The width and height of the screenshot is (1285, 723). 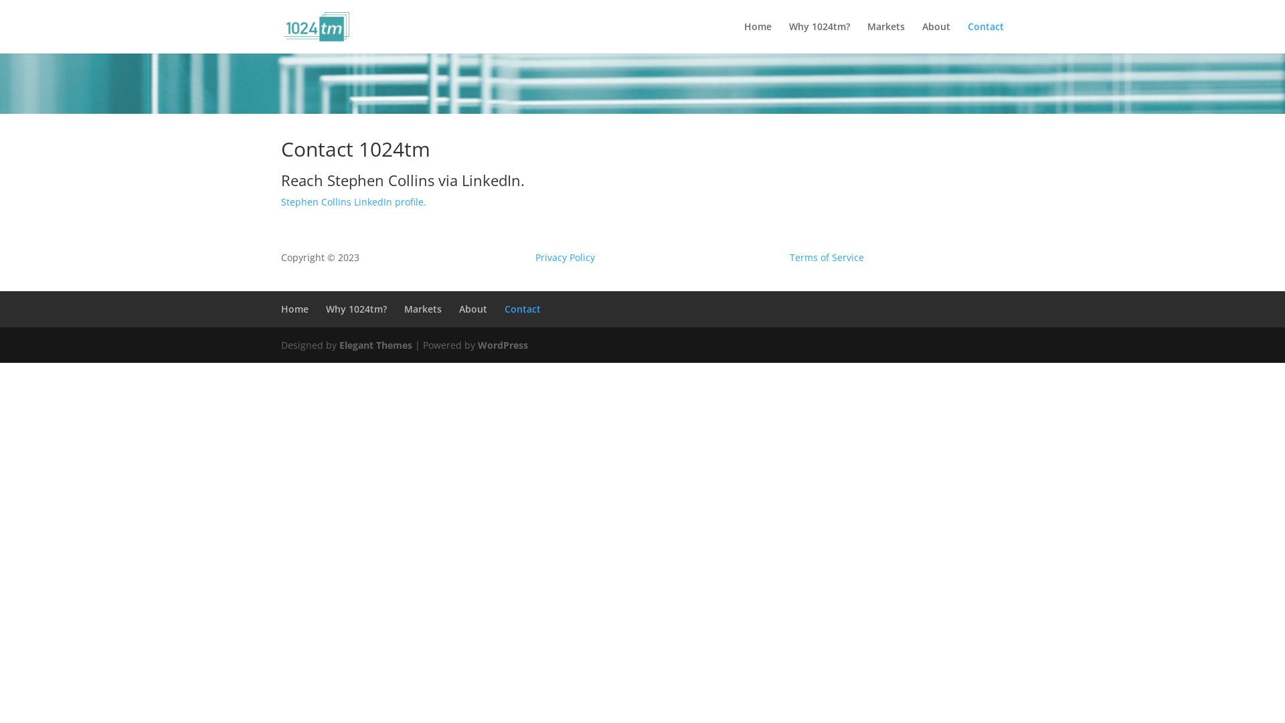 What do you see at coordinates (280, 309) in the screenshot?
I see `'Home'` at bounding box center [280, 309].